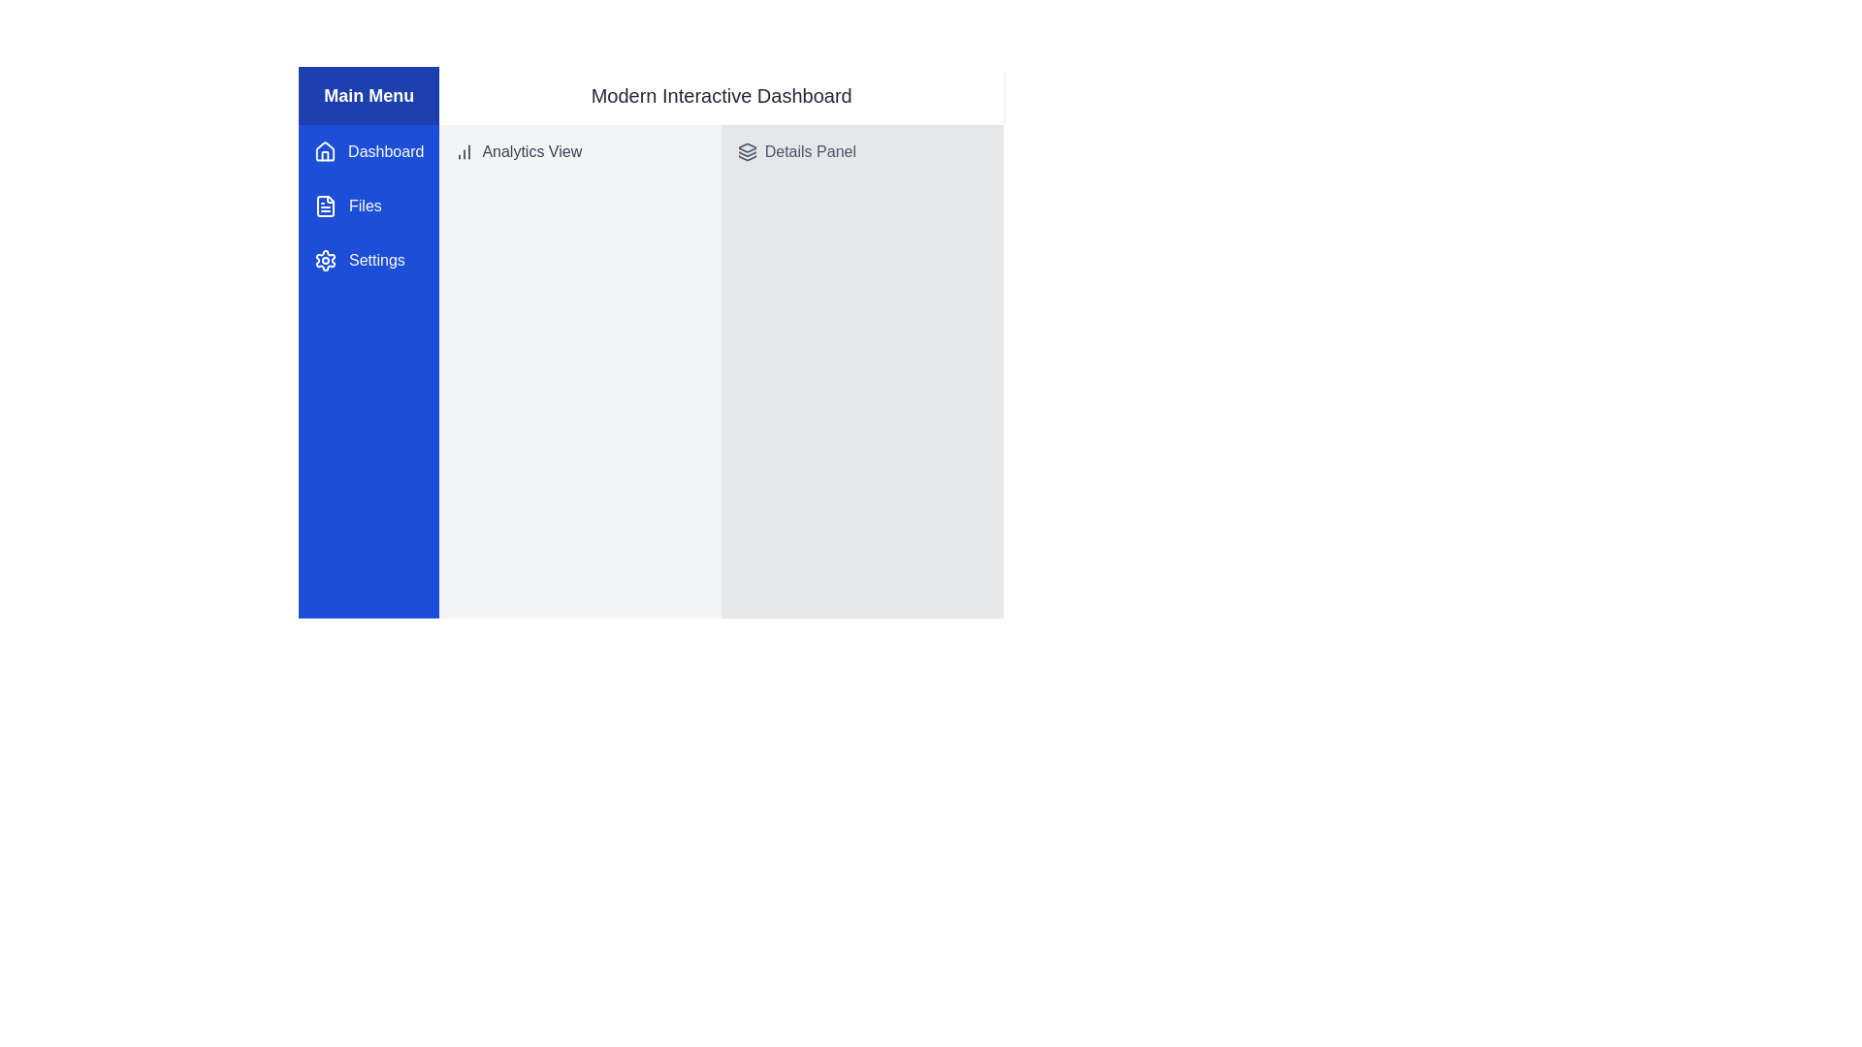 The height and width of the screenshot is (1047, 1862). Describe the element at coordinates (326, 260) in the screenshot. I see `the settings icon located to the left of the 'Settings' text label in the main menu on the left sidebar` at that location.